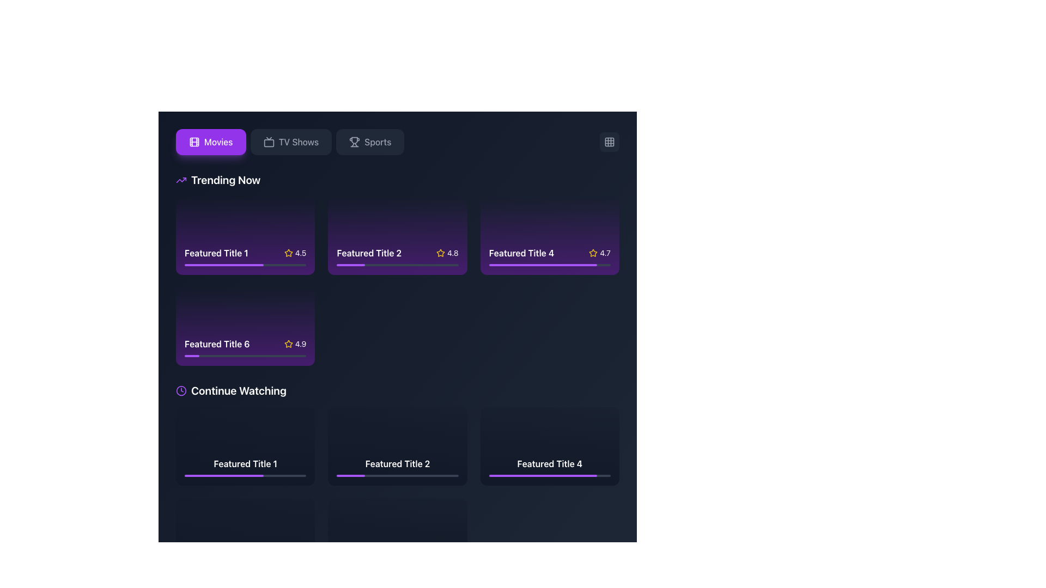 Image resolution: width=1046 pixels, height=588 pixels. I want to click on the text label displaying '4.9' in white color on a purple background, located in the bottom-right corner of the 'Featured Title 6' card under the 'Trending Now' section, so click(301, 344).